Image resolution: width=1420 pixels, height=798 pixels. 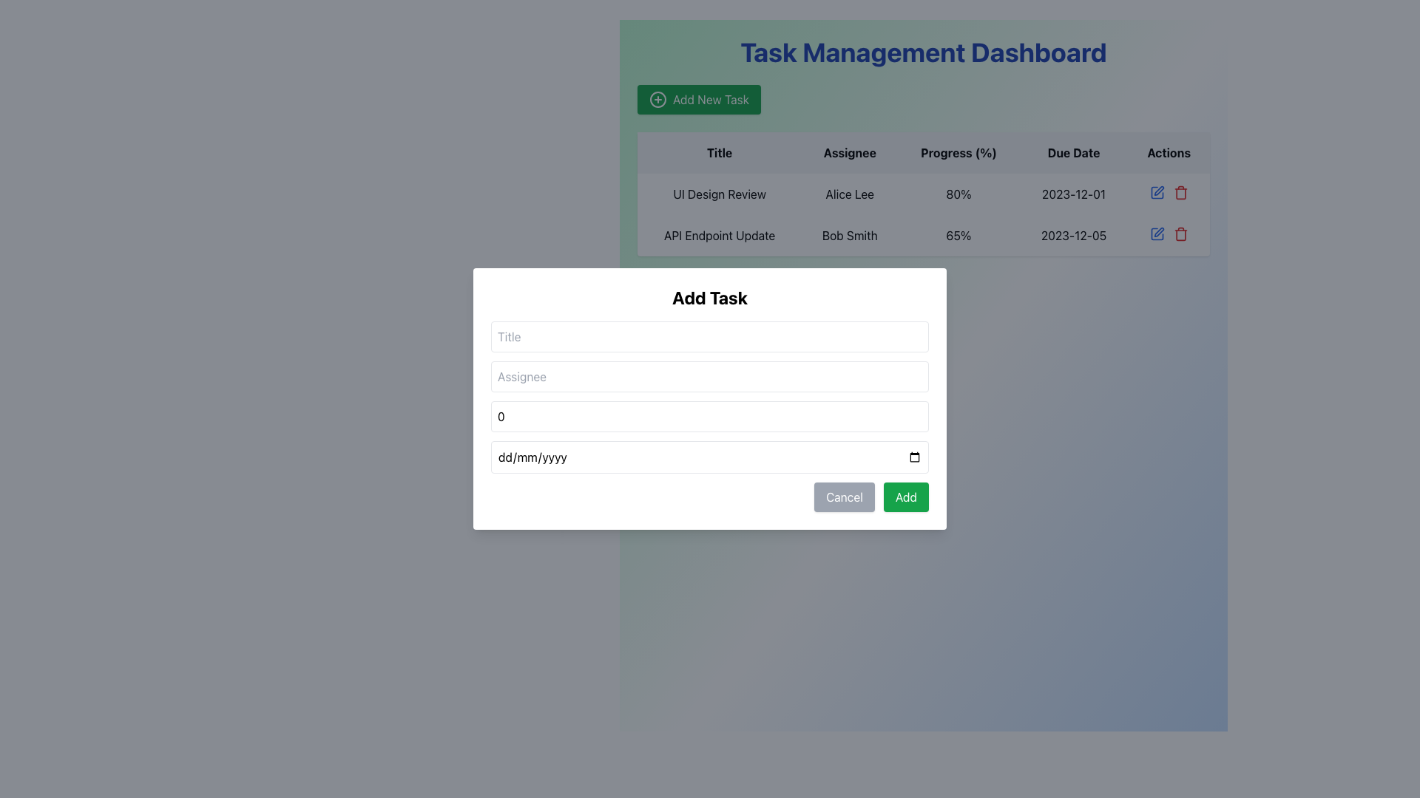 What do you see at coordinates (1180, 192) in the screenshot?
I see `the delete button located in the 'Actions' column of the task list for the task titled 'API Endpoint Update'` at bounding box center [1180, 192].